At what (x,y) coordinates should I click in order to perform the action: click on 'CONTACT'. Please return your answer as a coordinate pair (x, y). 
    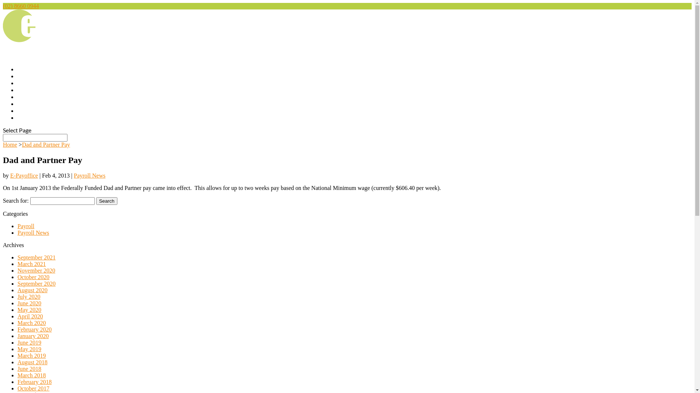
    Looking at the image, I should click on (31, 118).